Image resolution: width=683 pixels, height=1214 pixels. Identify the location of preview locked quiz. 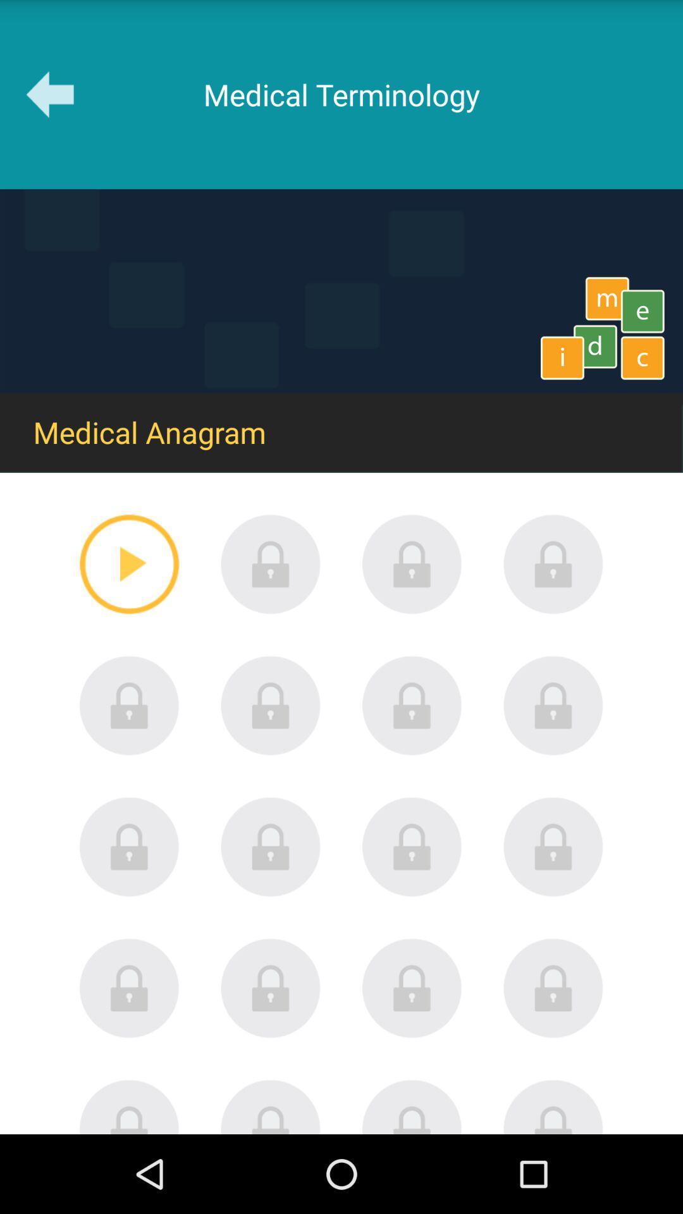
(412, 1106).